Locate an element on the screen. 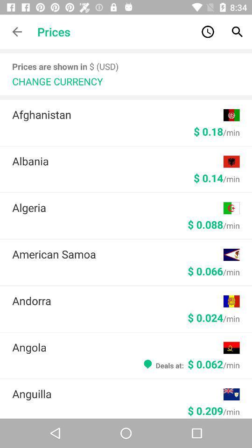 The width and height of the screenshot is (252, 448). the icon above the $ 0.14/min is located at coordinates (118, 161).